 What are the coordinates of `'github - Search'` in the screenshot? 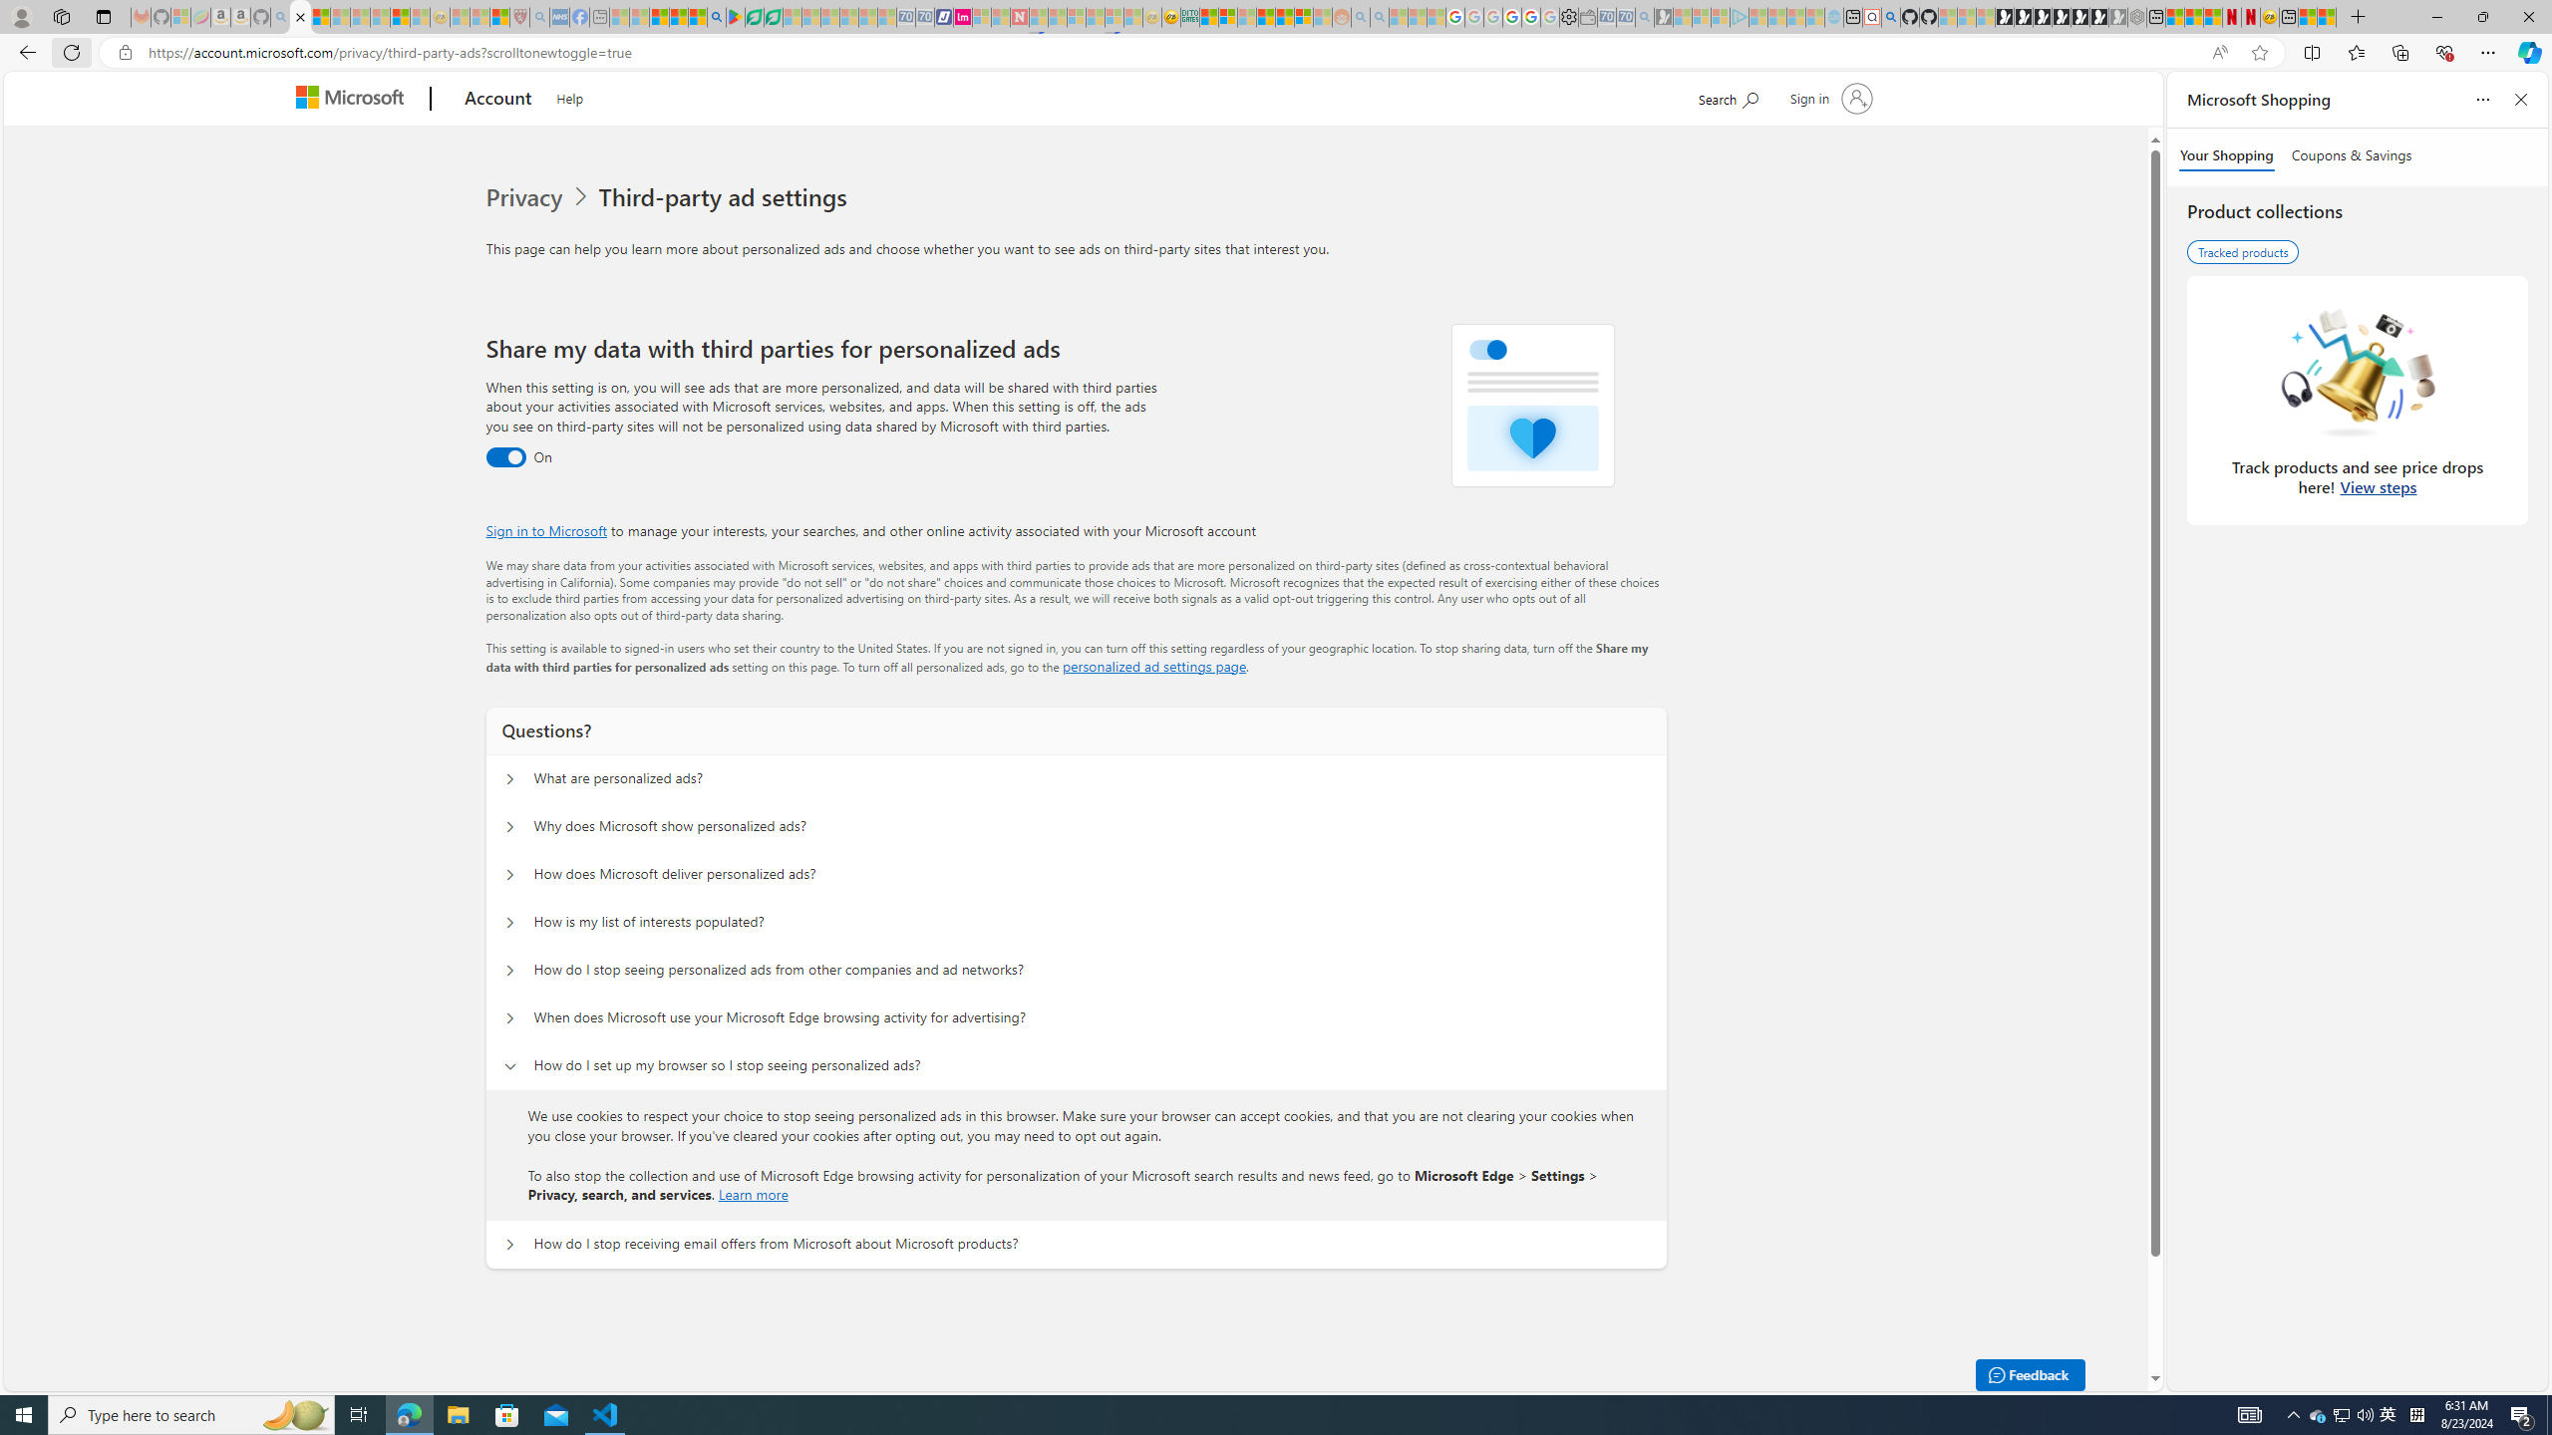 It's located at (1889, 16).